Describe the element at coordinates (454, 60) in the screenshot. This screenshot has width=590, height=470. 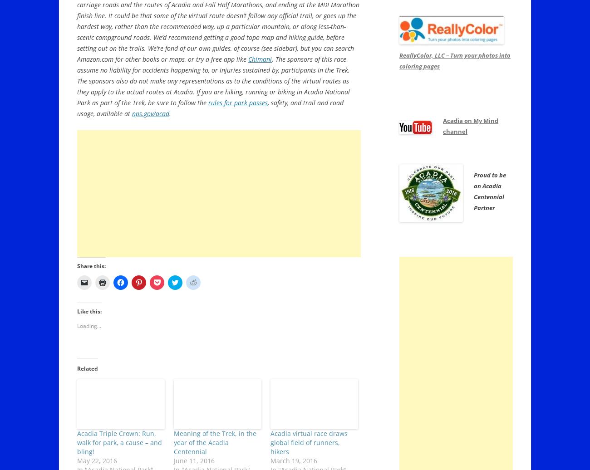
I see `'ReallyColor, LLC – Turn your photos into coloring pages'` at that location.